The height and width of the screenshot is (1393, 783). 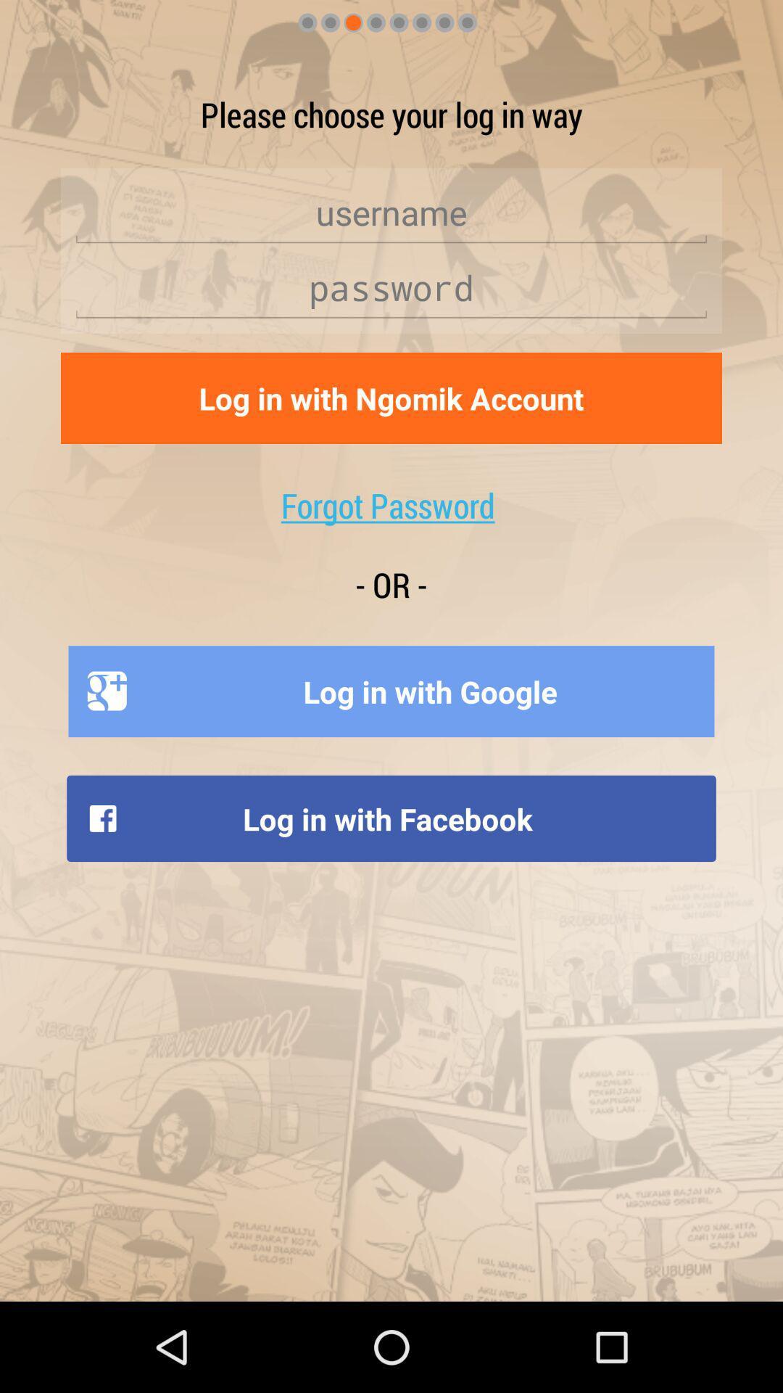 What do you see at coordinates (391, 288) in the screenshot?
I see `password` at bounding box center [391, 288].